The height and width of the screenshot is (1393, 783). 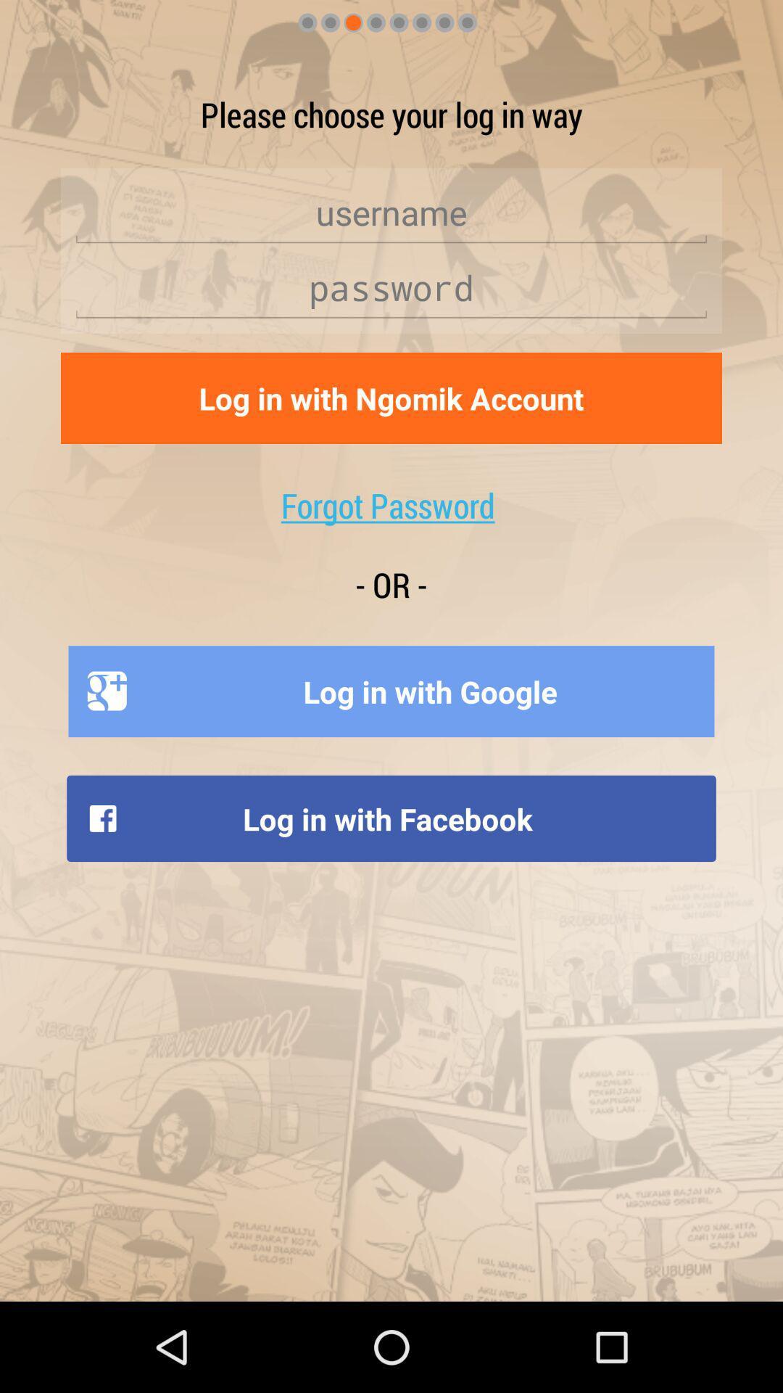 What do you see at coordinates (391, 288) in the screenshot?
I see `password` at bounding box center [391, 288].